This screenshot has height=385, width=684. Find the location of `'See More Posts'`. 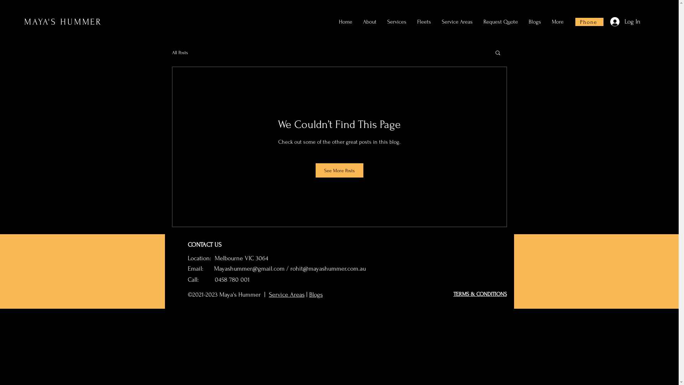

'See More Posts' is located at coordinates (339, 170).